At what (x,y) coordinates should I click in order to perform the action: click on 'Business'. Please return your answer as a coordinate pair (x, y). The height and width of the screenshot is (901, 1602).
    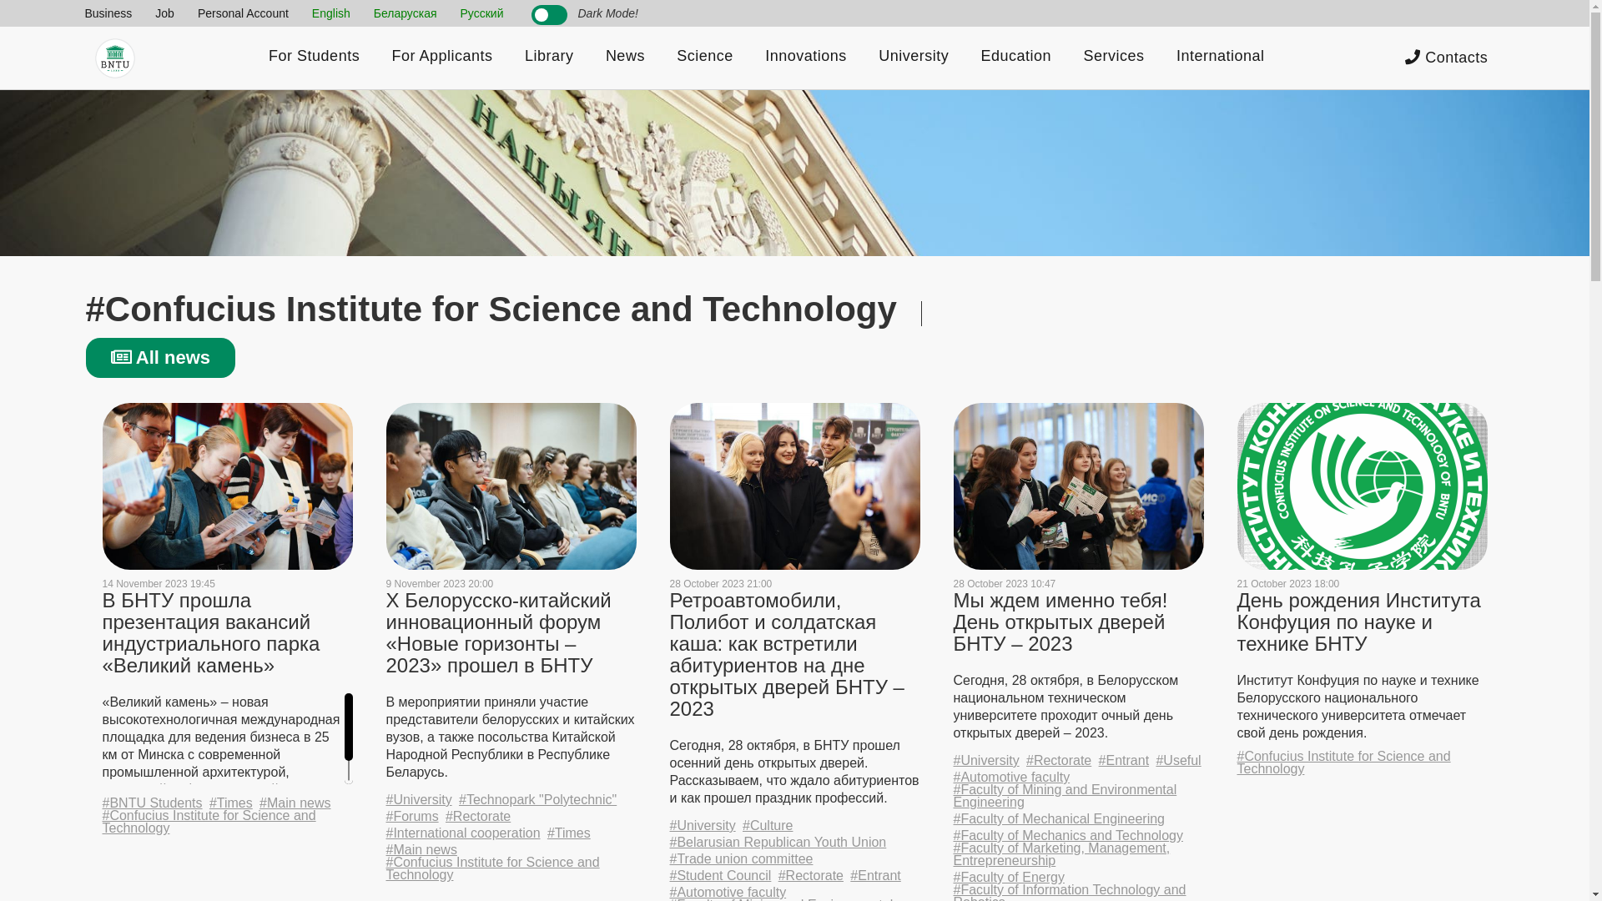
    Looking at the image, I should click on (108, 13).